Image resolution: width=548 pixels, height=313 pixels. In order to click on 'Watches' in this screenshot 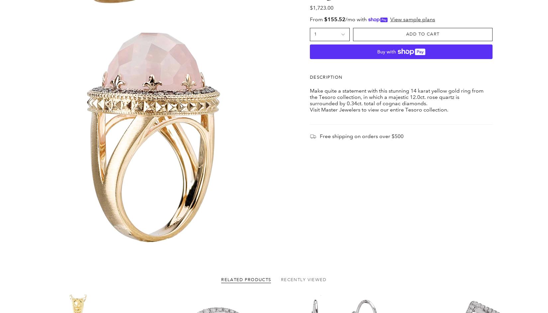, I will do `click(191, 288)`.